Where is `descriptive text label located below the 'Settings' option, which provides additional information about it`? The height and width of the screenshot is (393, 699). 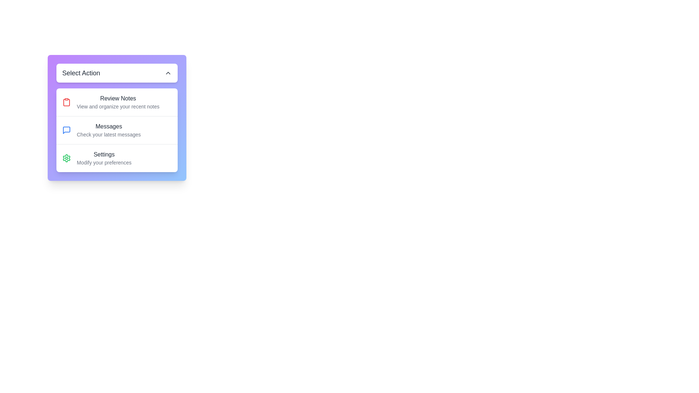
descriptive text label located below the 'Settings' option, which provides additional information about it is located at coordinates (104, 162).